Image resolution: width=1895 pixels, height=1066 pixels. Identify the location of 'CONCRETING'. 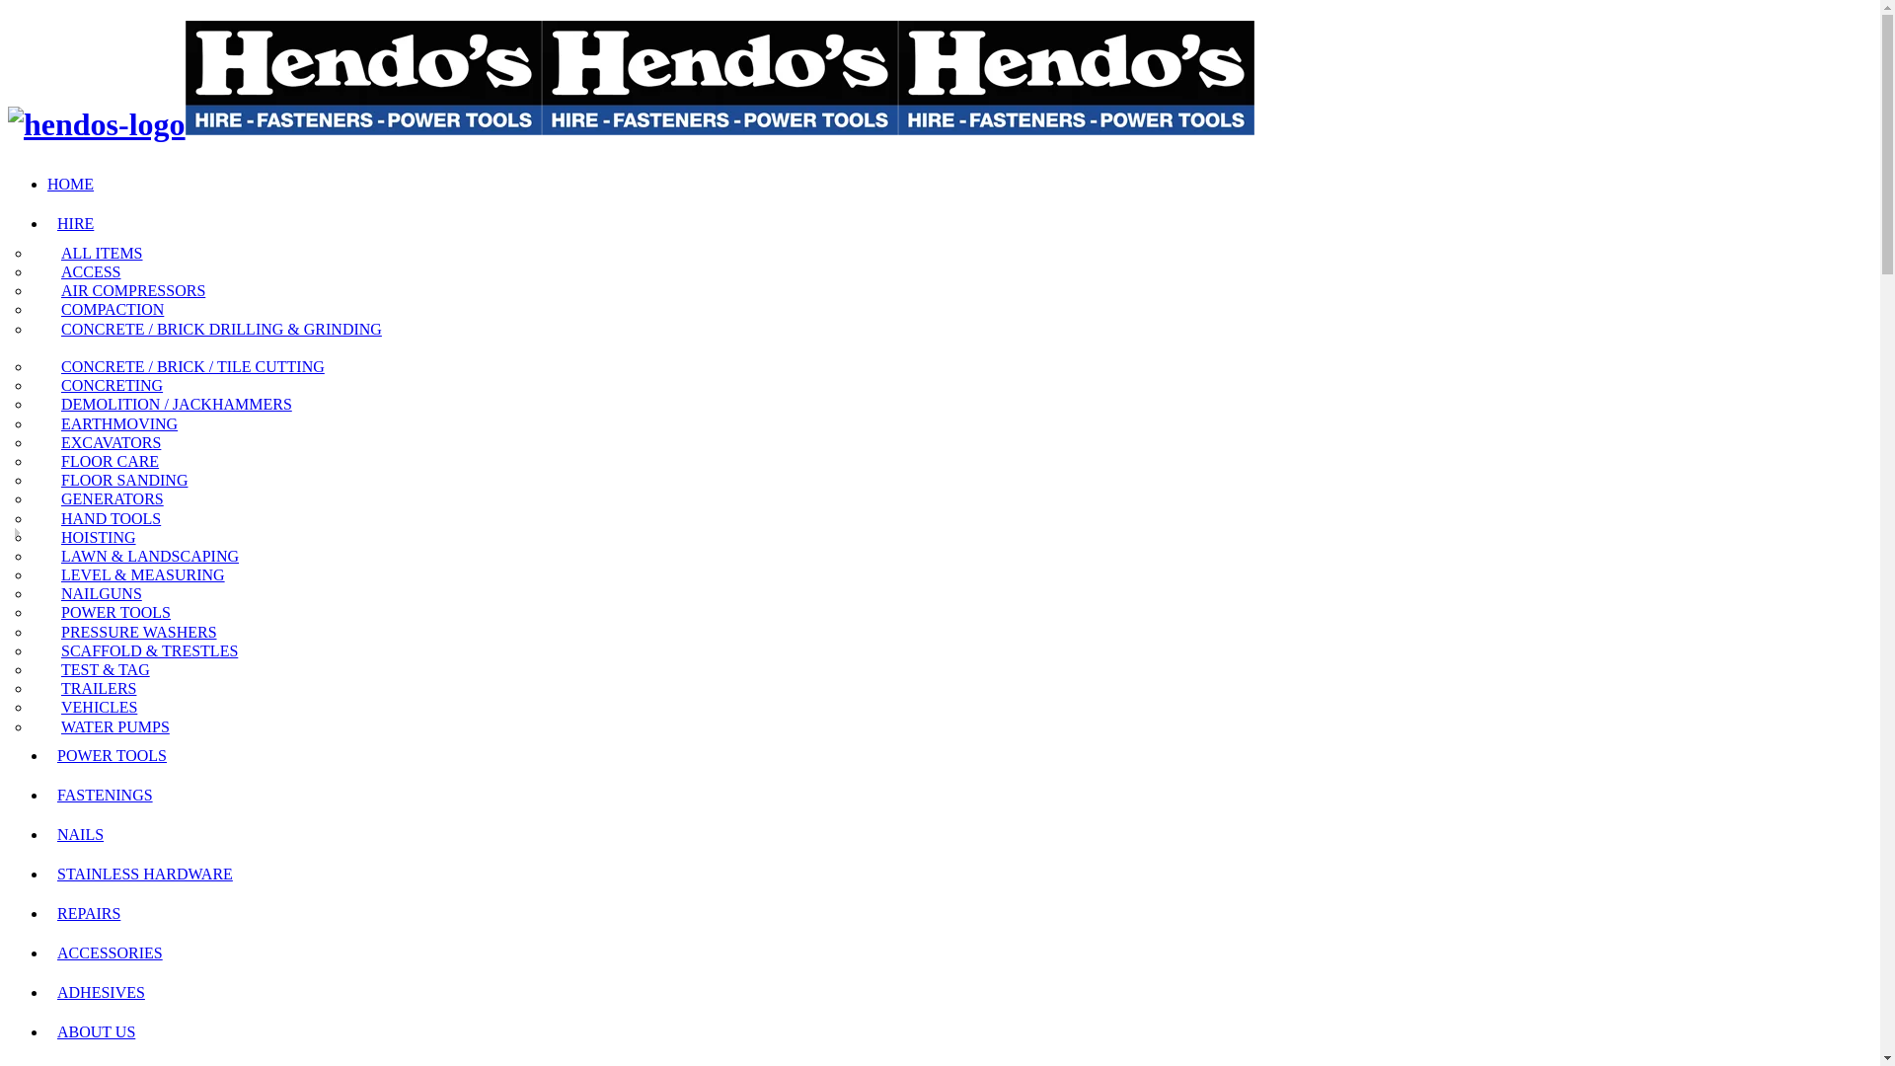
(106, 385).